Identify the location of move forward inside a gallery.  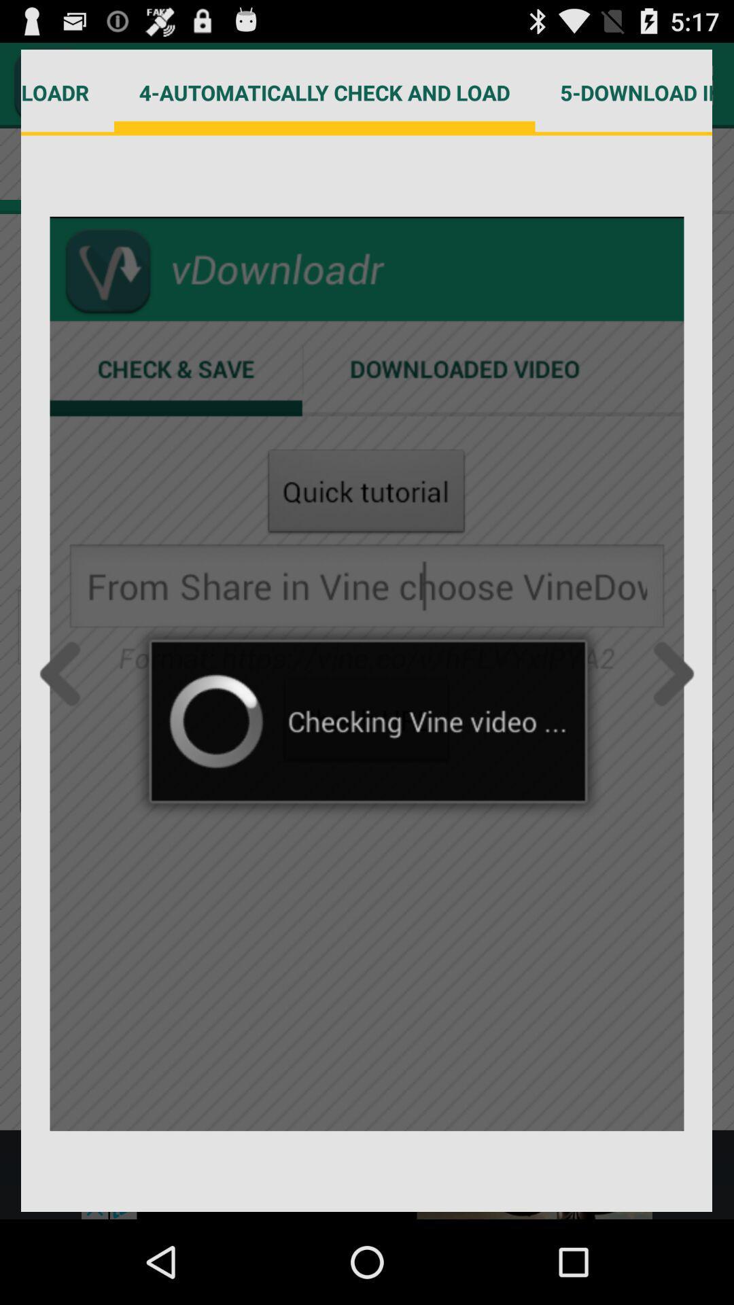
(669, 674).